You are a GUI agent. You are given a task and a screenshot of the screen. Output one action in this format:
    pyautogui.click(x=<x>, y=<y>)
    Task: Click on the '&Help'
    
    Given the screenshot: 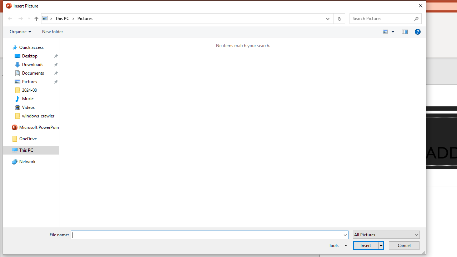 What is the action you would take?
    pyautogui.click(x=417, y=31)
    